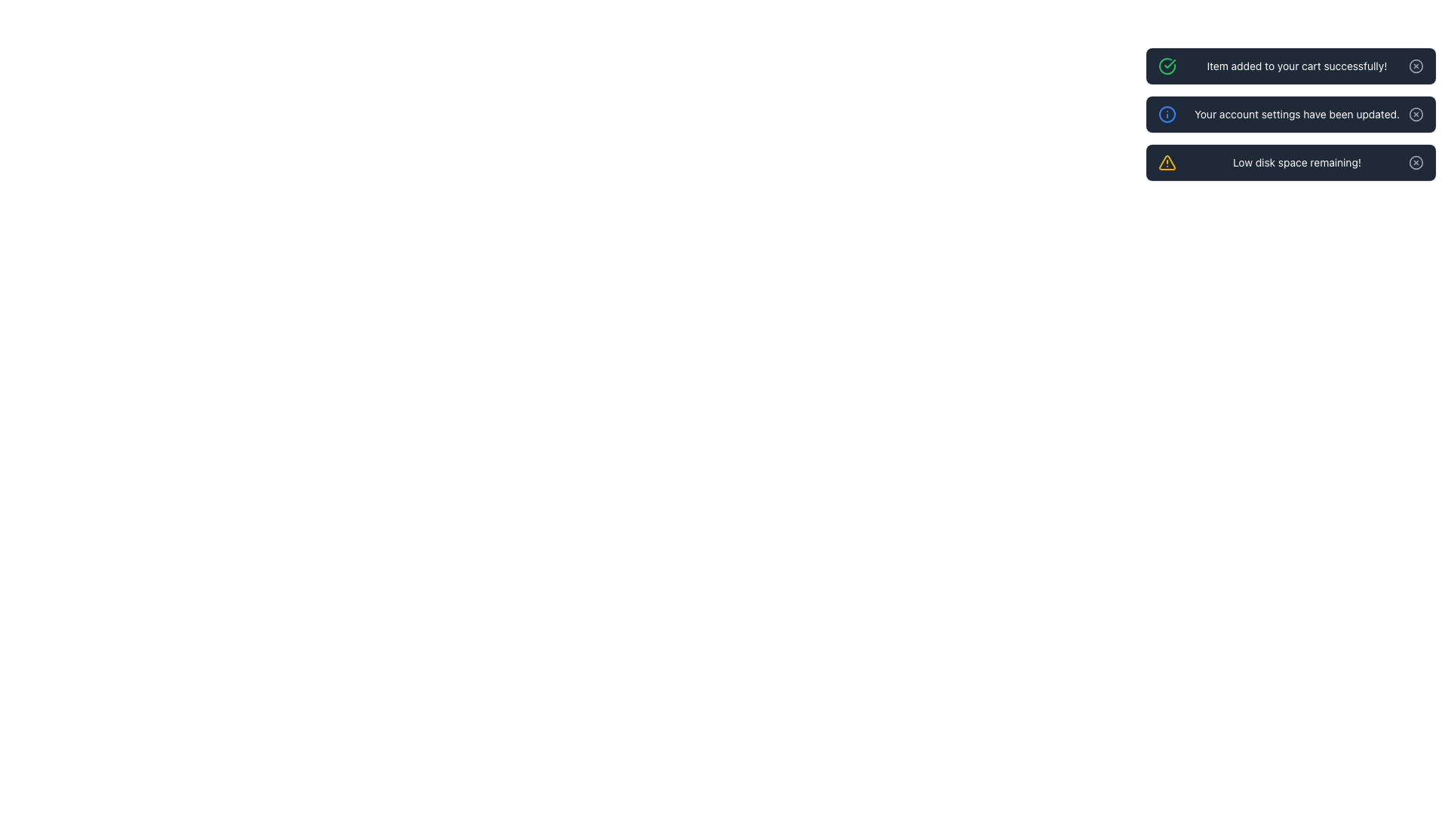  What do you see at coordinates (1166, 163) in the screenshot?
I see `the triangular warning icon with a yellow outline located in the third notification pane, to the left of the 'Low disk space remaining!' message` at bounding box center [1166, 163].